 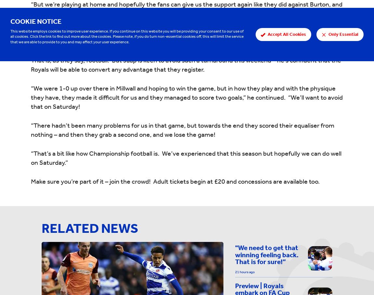 What do you see at coordinates (234, 254) in the screenshot?
I see `'"We need to get that winning feeling back. That is for sure!”'` at bounding box center [234, 254].